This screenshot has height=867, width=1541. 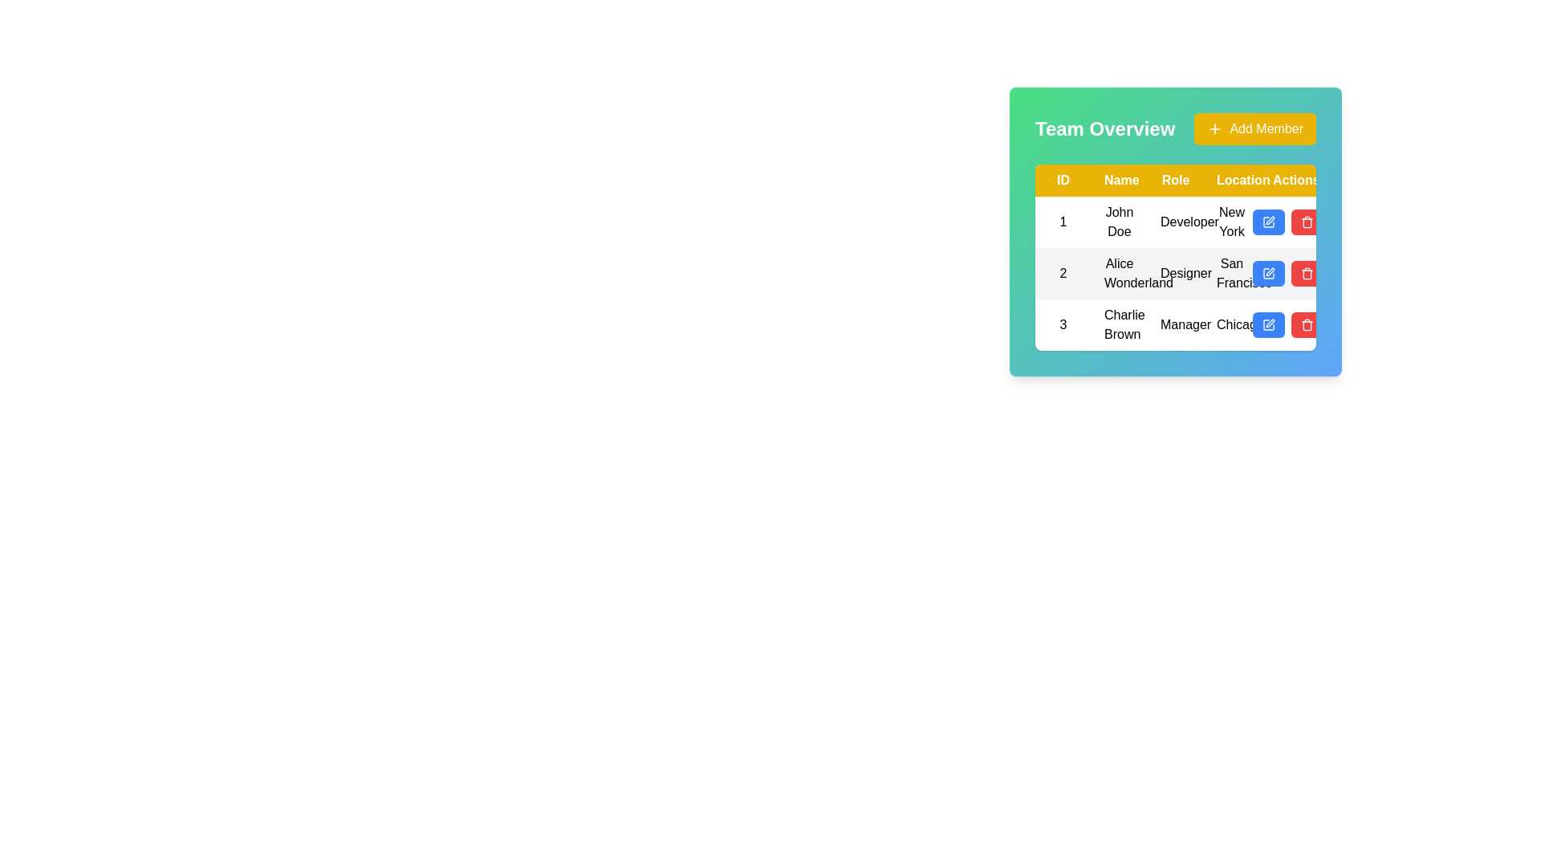 What do you see at coordinates (1287, 272) in the screenshot?
I see `the blue rectangular button with a pen icon in the 'Actions' column, aligned with 'Alice Wonderland' and 'Designer'` at bounding box center [1287, 272].